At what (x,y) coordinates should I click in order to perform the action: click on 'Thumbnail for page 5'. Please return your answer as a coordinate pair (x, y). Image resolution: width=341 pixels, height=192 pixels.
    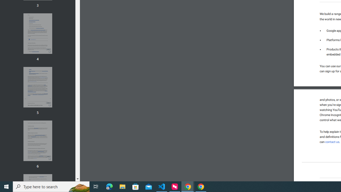
    Looking at the image, I should click on (37, 87).